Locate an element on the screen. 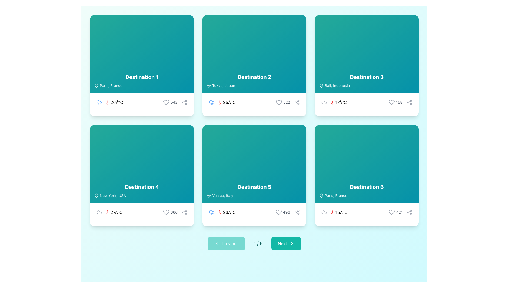 The width and height of the screenshot is (519, 291). the Weather Display Widget located in the top-left weather panel under the label 'Destination 1', which visually communicates the current temperature and weather condition is located at coordinates (109, 102).